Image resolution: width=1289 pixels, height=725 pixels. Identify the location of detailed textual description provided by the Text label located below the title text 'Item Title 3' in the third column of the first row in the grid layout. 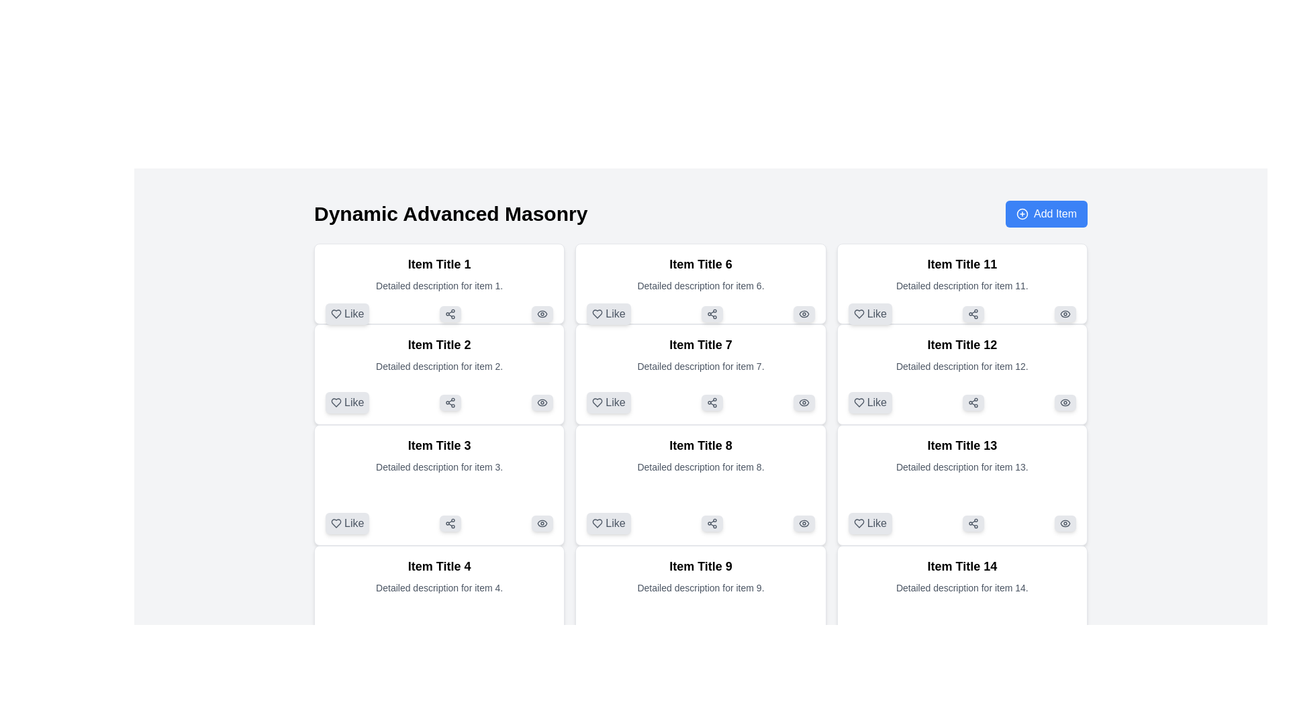
(439, 466).